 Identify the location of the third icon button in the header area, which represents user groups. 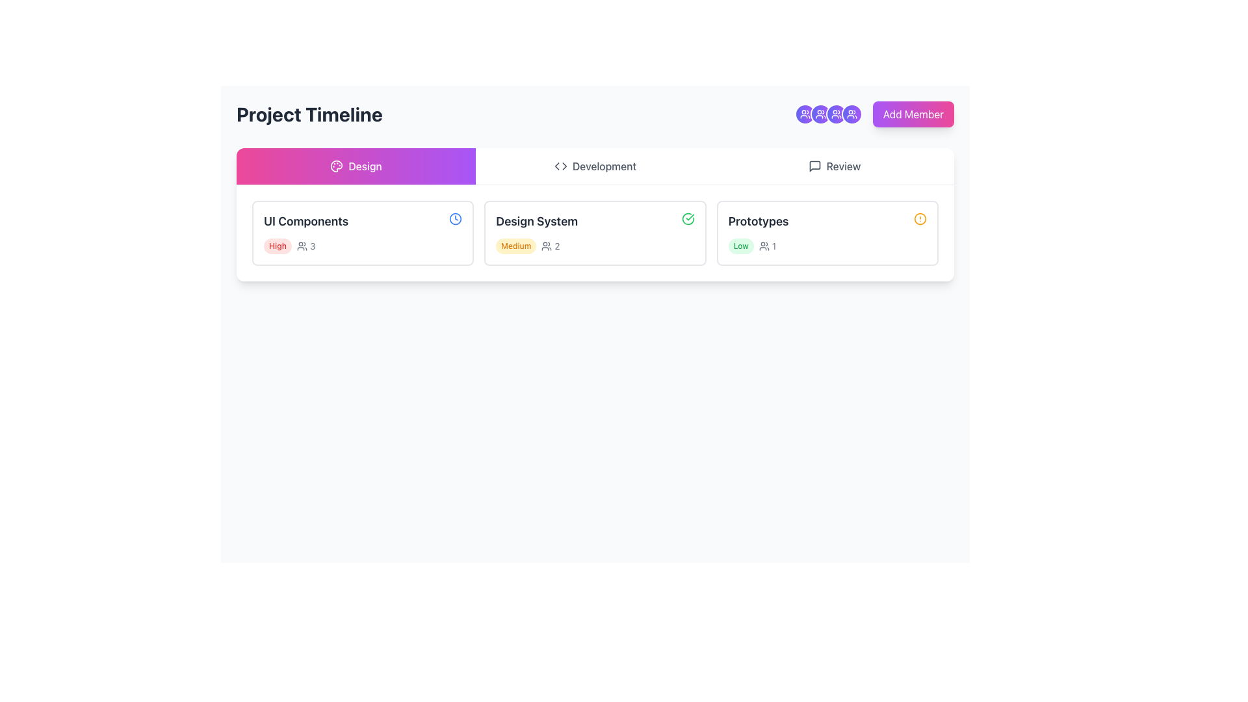
(820, 114).